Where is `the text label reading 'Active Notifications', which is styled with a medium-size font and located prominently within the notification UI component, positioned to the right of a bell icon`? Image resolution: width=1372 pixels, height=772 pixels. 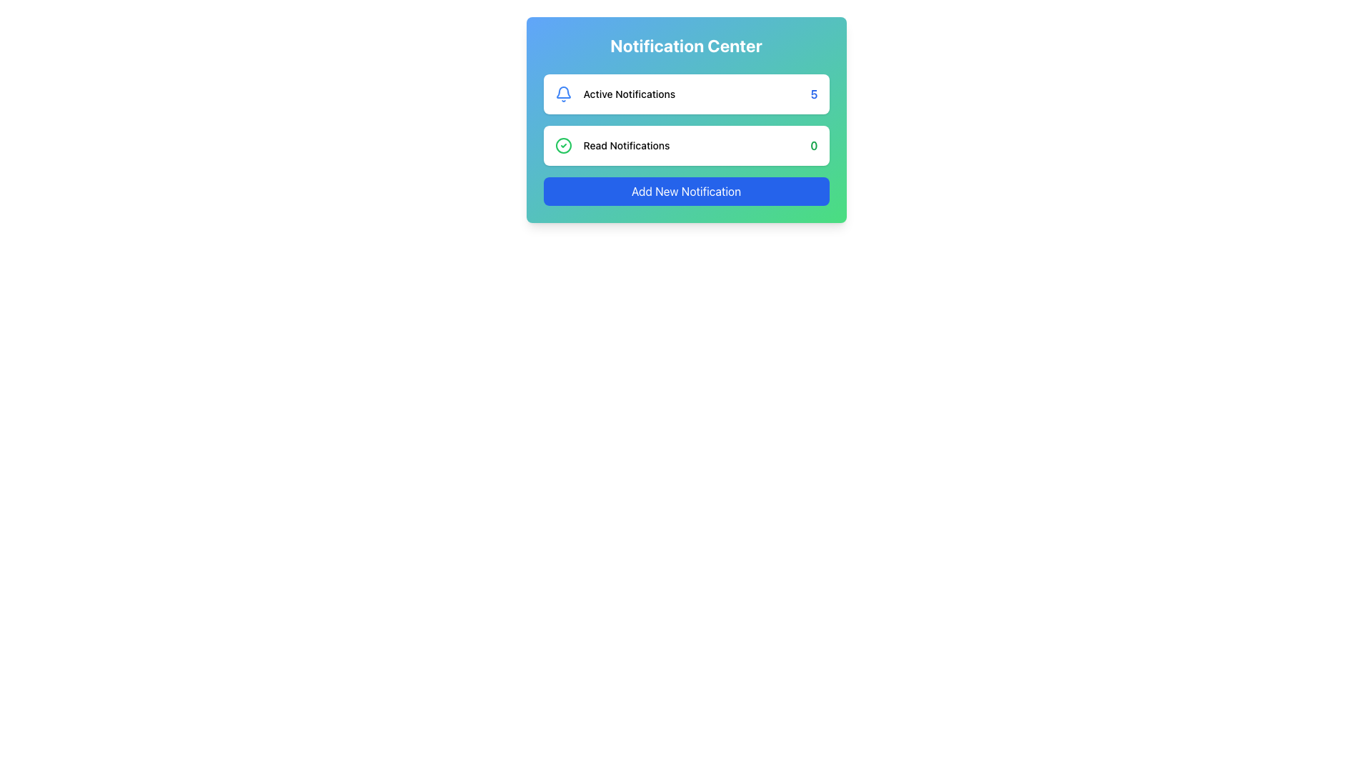 the text label reading 'Active Notifications', which is styled with a medium-size font and located prominently within the notification UI component, positioned to the right of a bell icon is located at coordinates (629, 94).